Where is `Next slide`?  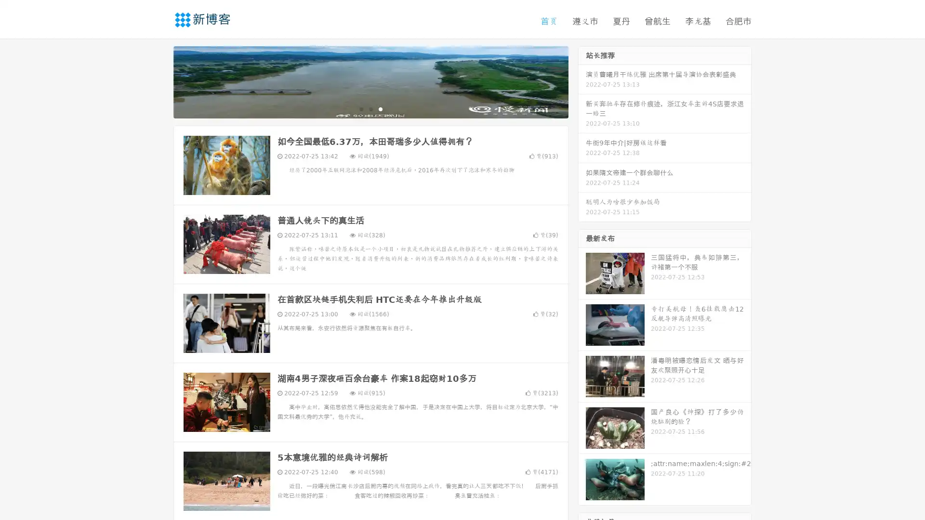 Next slide is located at coordinates (582, 81).